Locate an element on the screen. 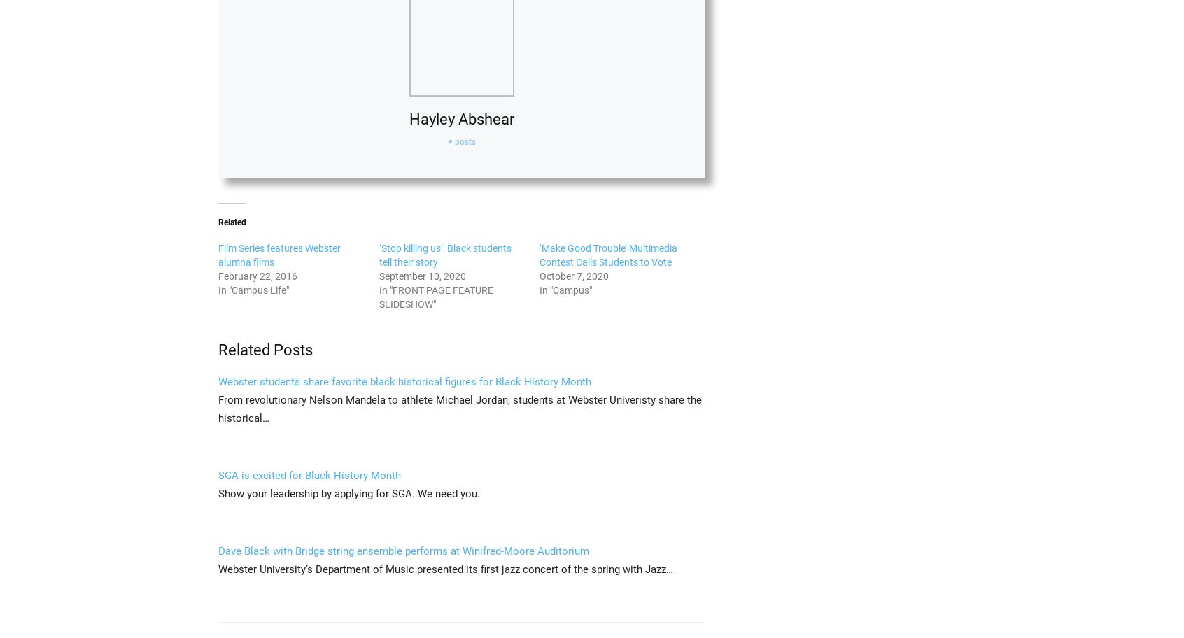 Image resolution: width=1184 pixels, height=638 pixels. 'Show your leadership by applying for SGA. We need you.' is located at coordinates (218, 493).